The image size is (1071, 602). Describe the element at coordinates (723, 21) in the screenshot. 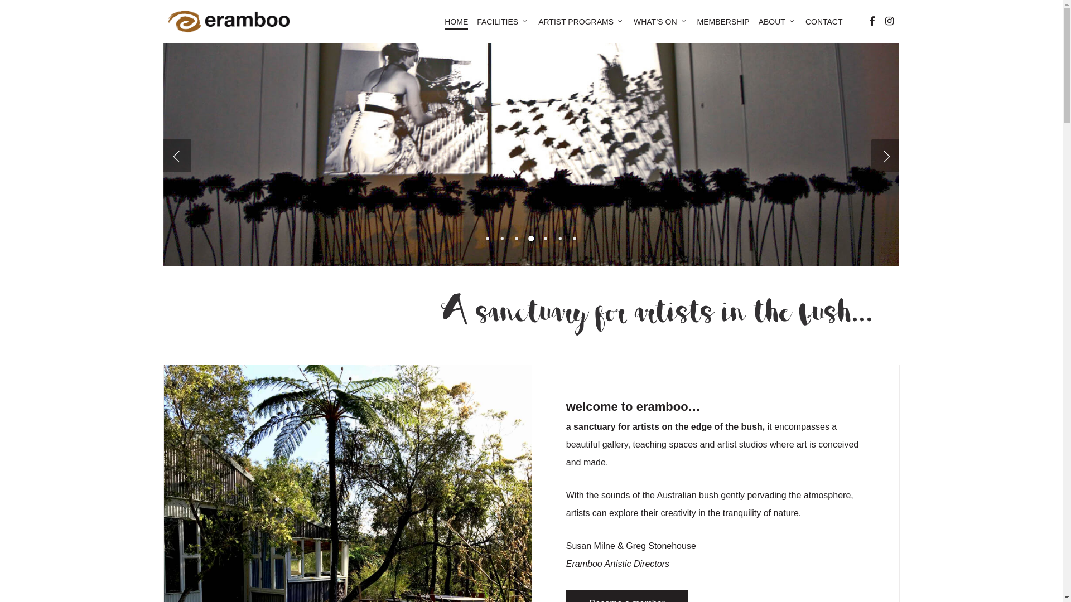

I see `'MEMBERSHIP'` at that location.